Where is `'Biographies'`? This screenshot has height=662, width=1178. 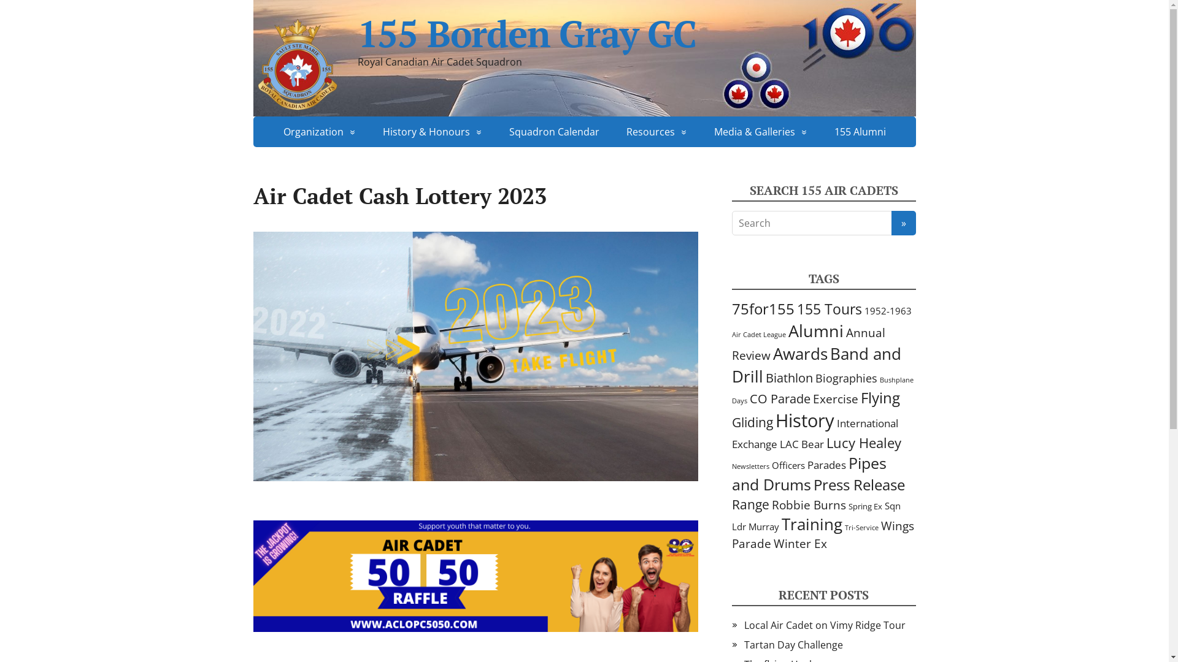 'Biographies' is located at coordinates (845, 378).